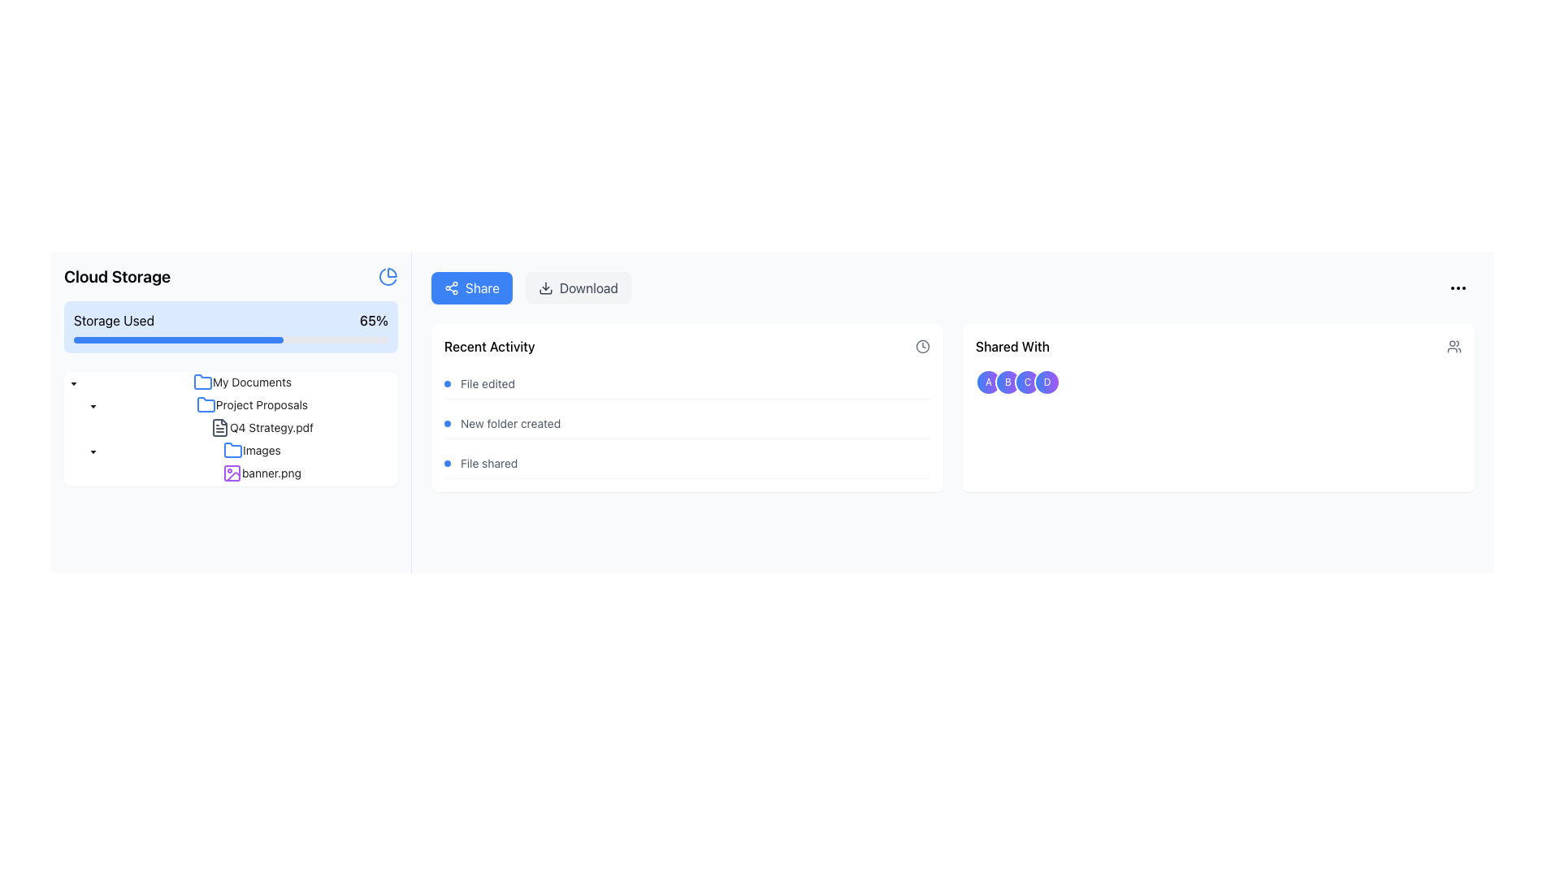 Image resolution: width=1560 pixels, height=877 pixels. Describe the element at coordinates (262, 427) in the screenshot. I see `the Tree item representing the document file named 'Q4 Strategy.pdf'` at that location.